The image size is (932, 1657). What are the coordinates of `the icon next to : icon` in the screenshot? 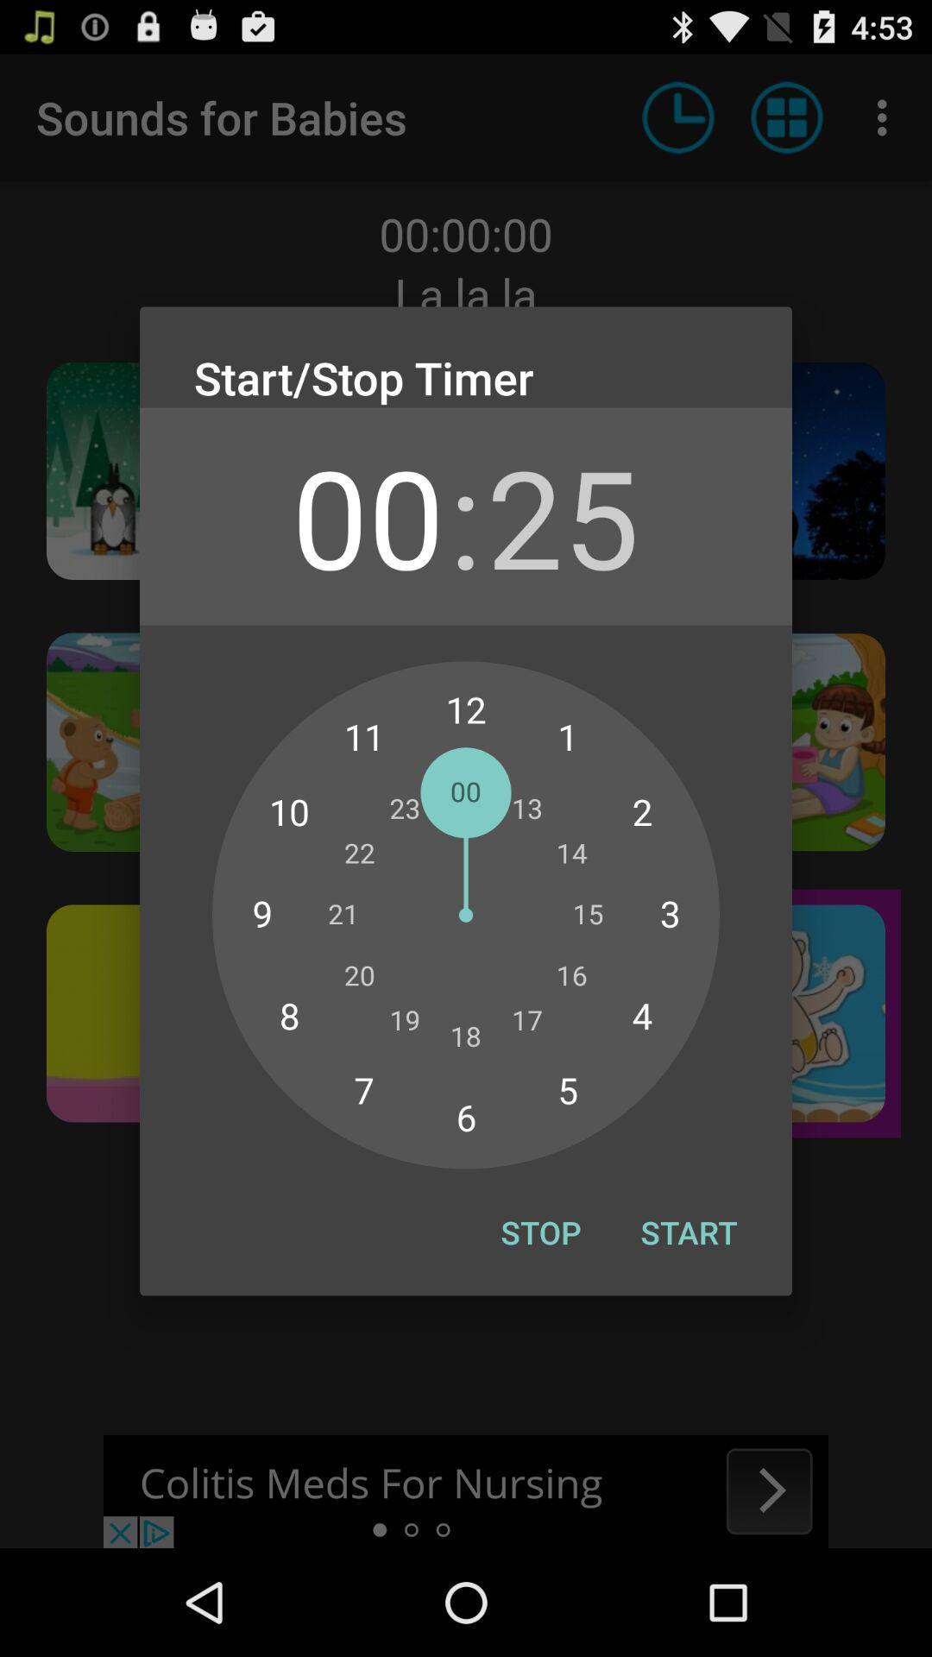 It's located at (563, 515).